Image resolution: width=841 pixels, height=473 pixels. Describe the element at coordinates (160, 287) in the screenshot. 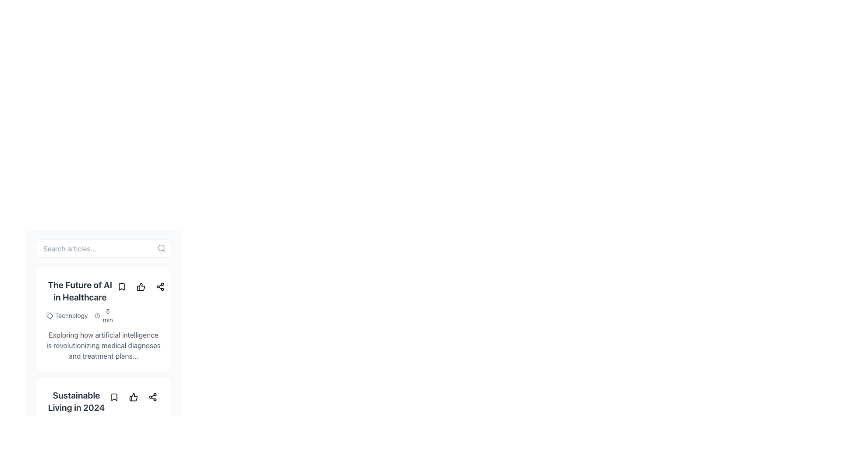

I see `the share button, which is the third button in a horizontal group located to the right of a thumbs-up button` at that location.